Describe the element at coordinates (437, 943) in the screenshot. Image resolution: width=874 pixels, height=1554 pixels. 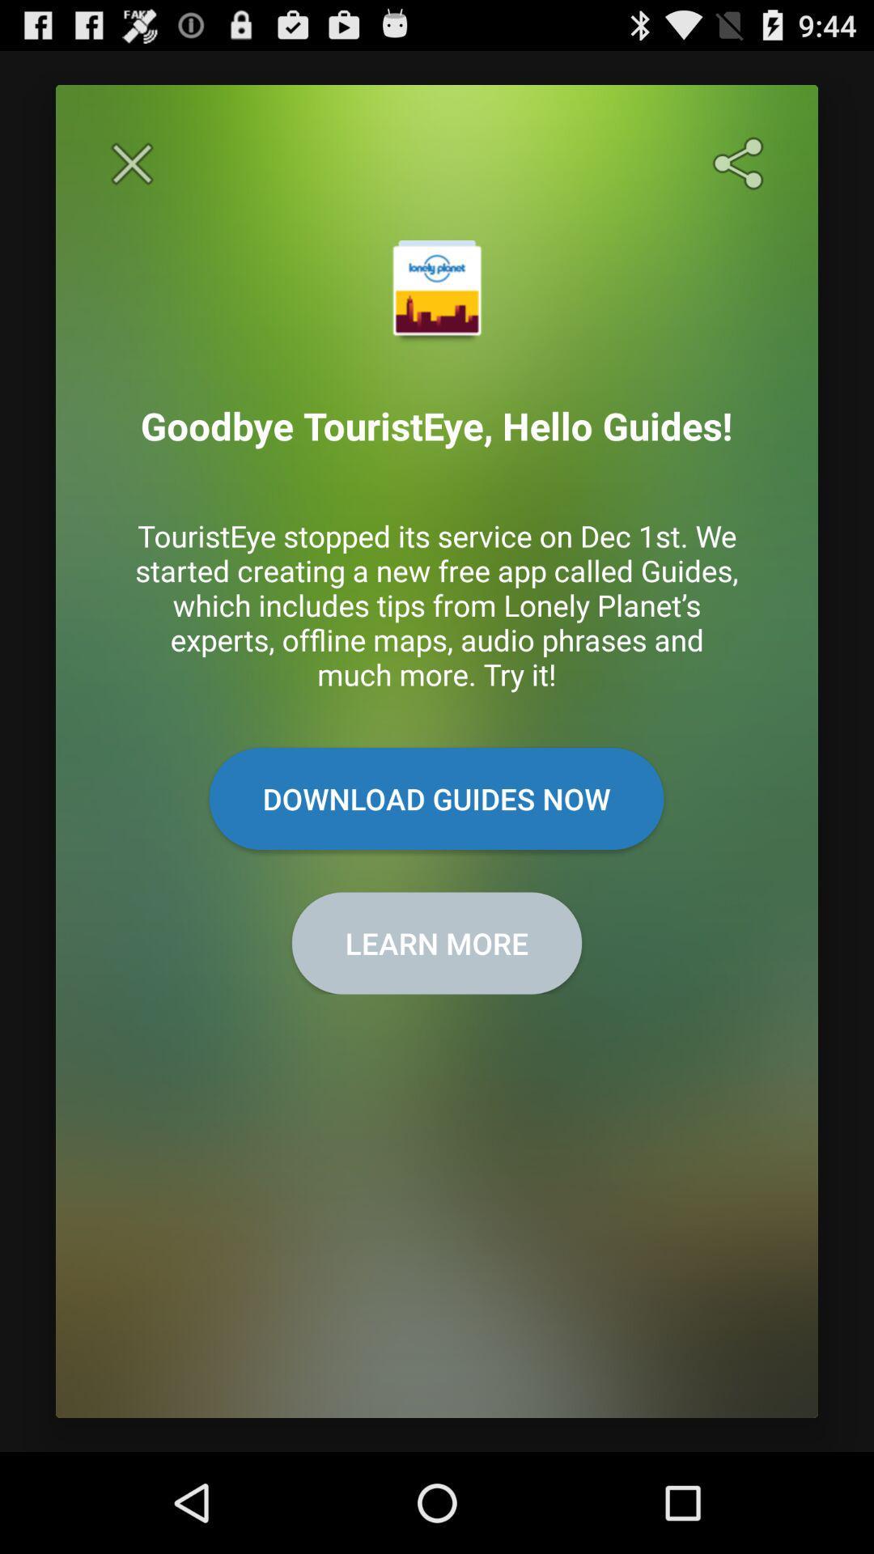
I see `learn more button` at that location.